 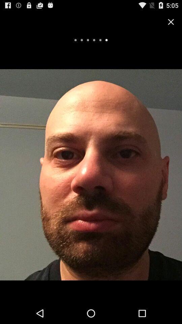 What do you see at coordinates (171, 23) in the screenshot?
I see `the close icon` at bounding box center [171, 23].